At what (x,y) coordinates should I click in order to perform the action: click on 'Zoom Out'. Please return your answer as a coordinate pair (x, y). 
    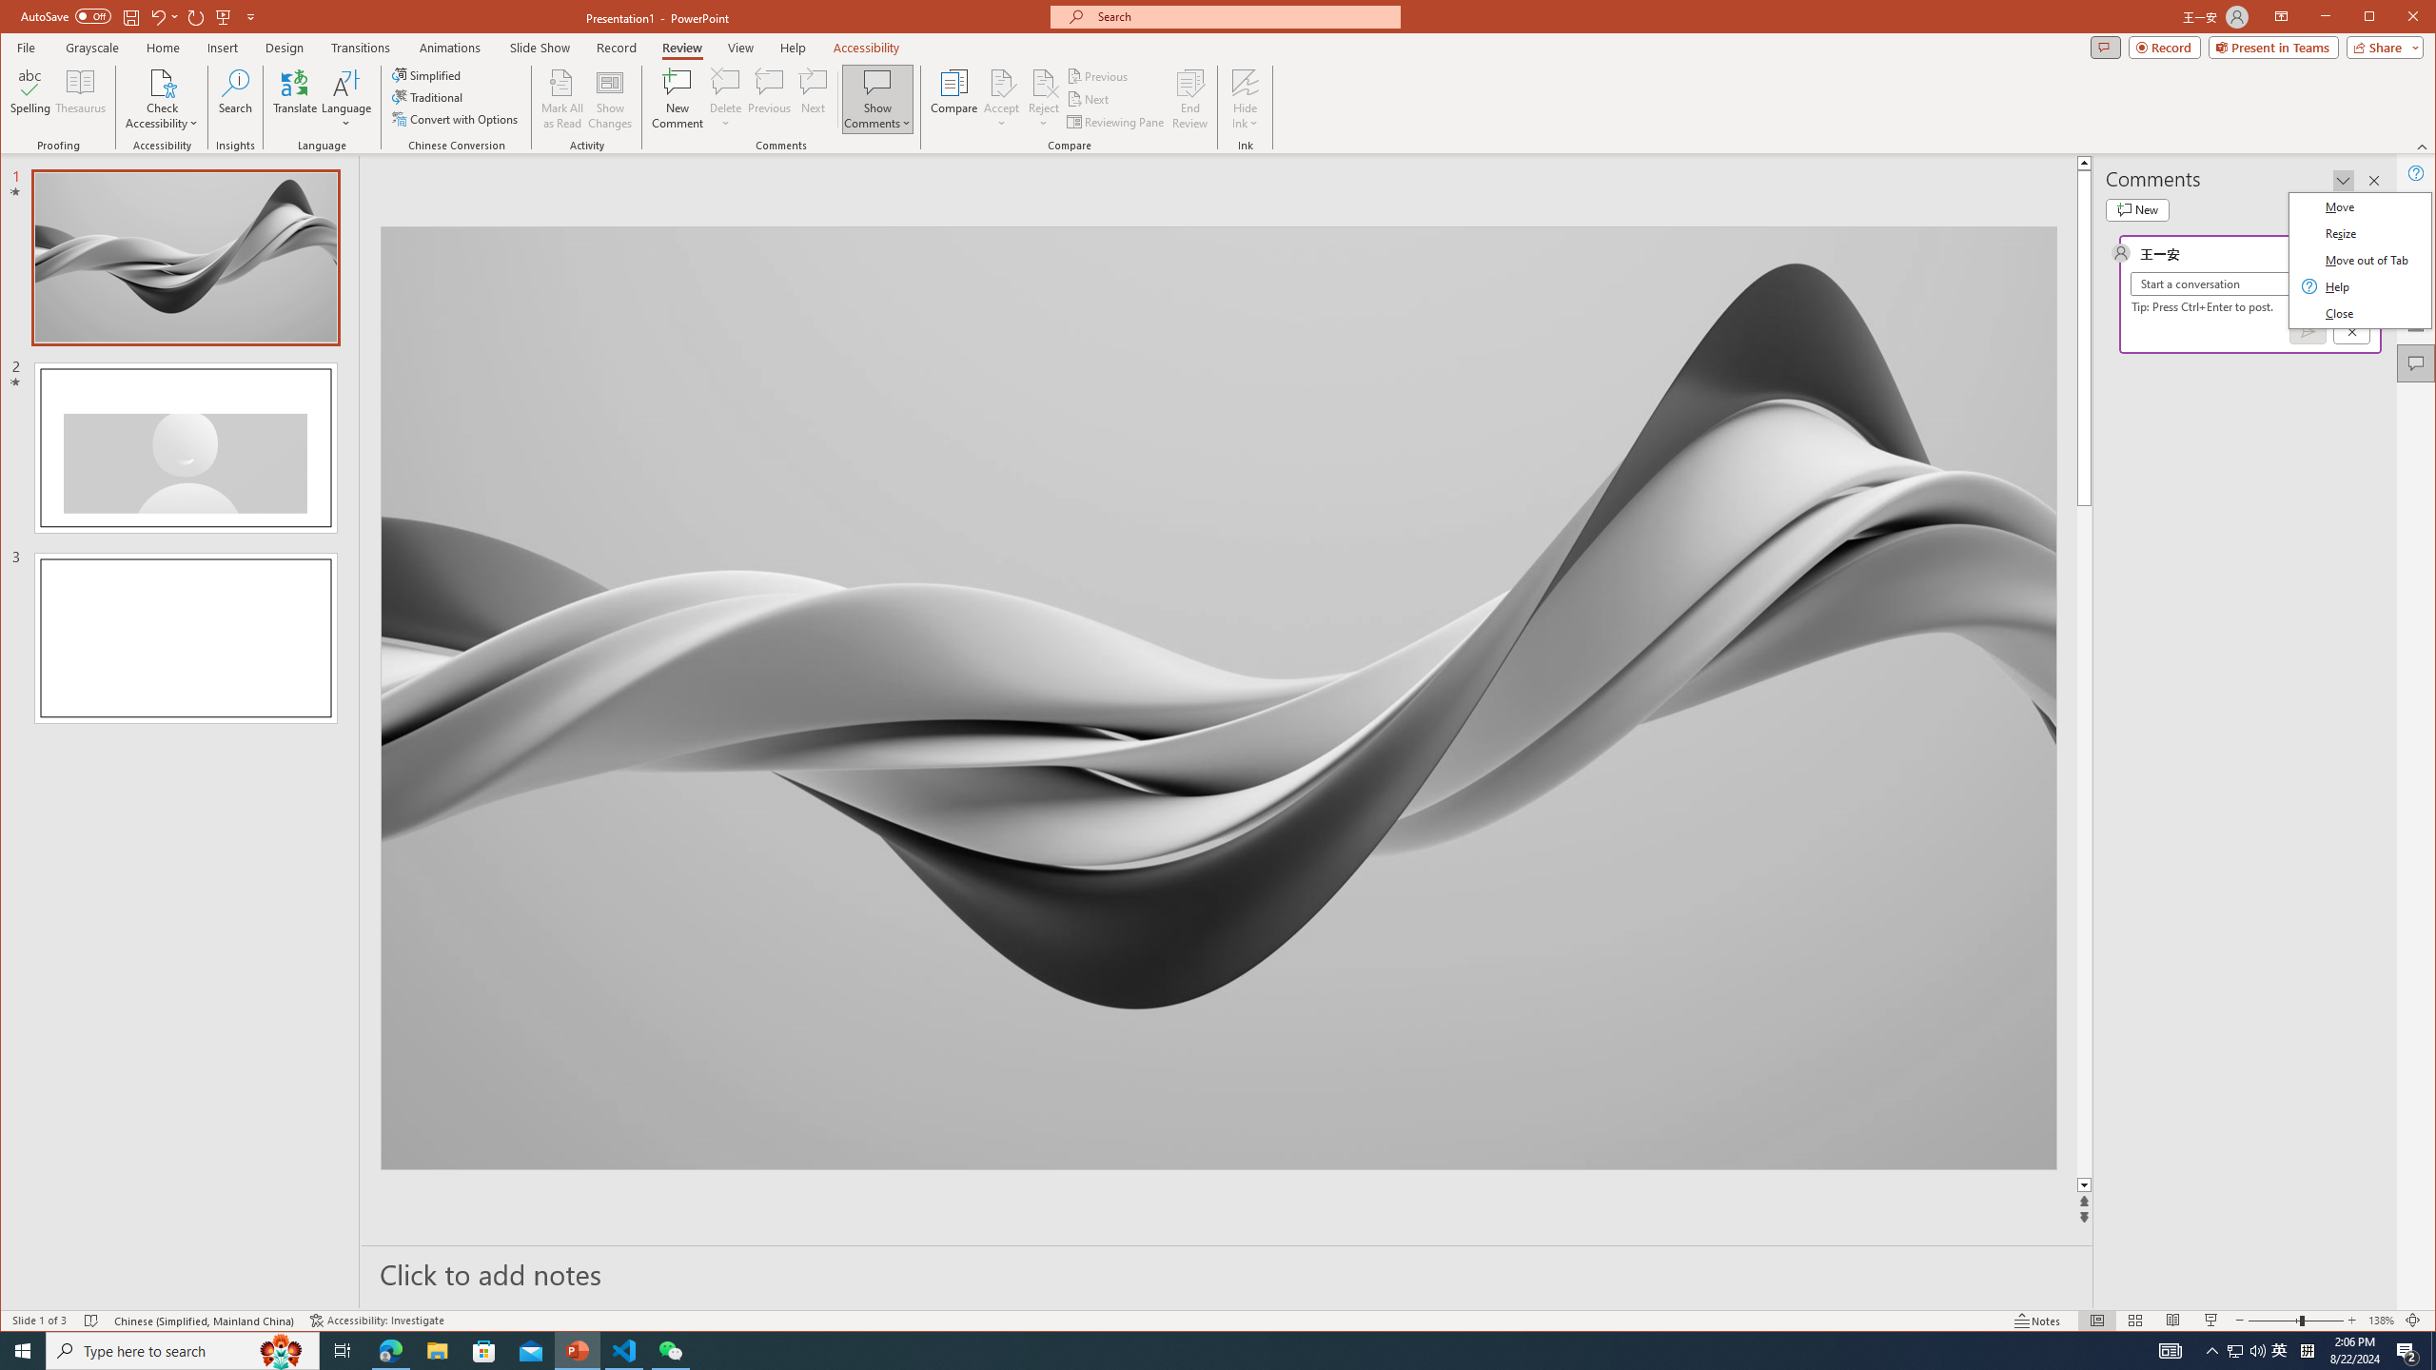
    Looking at the image, I should click on (2272, 1320).